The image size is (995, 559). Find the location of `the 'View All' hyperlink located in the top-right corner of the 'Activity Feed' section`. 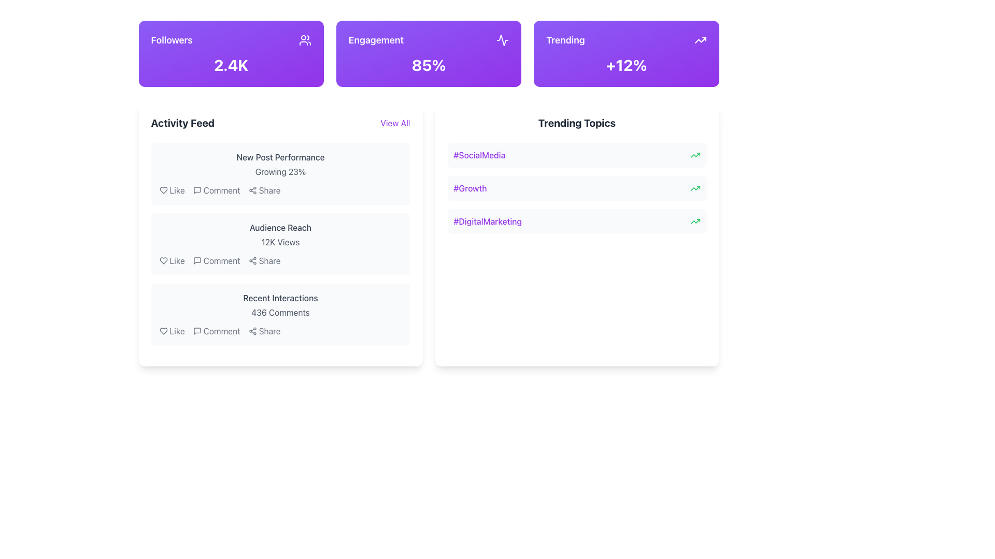

the 'View All' hyperlink located in the top-right corner of the 'Activity Feed' section is located at coordinates (395, 123).